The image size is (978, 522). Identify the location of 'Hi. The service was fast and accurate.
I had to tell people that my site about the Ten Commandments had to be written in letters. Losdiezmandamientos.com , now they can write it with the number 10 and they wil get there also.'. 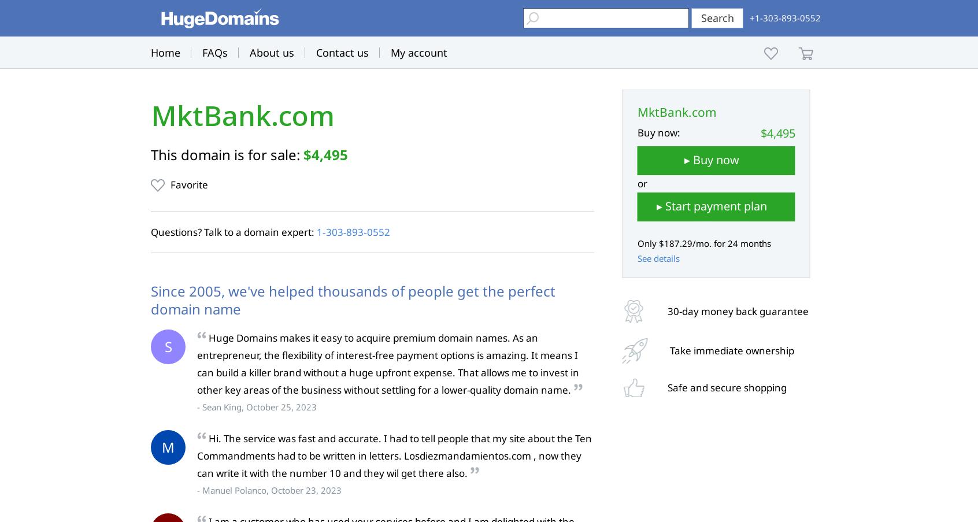
(196, 454).